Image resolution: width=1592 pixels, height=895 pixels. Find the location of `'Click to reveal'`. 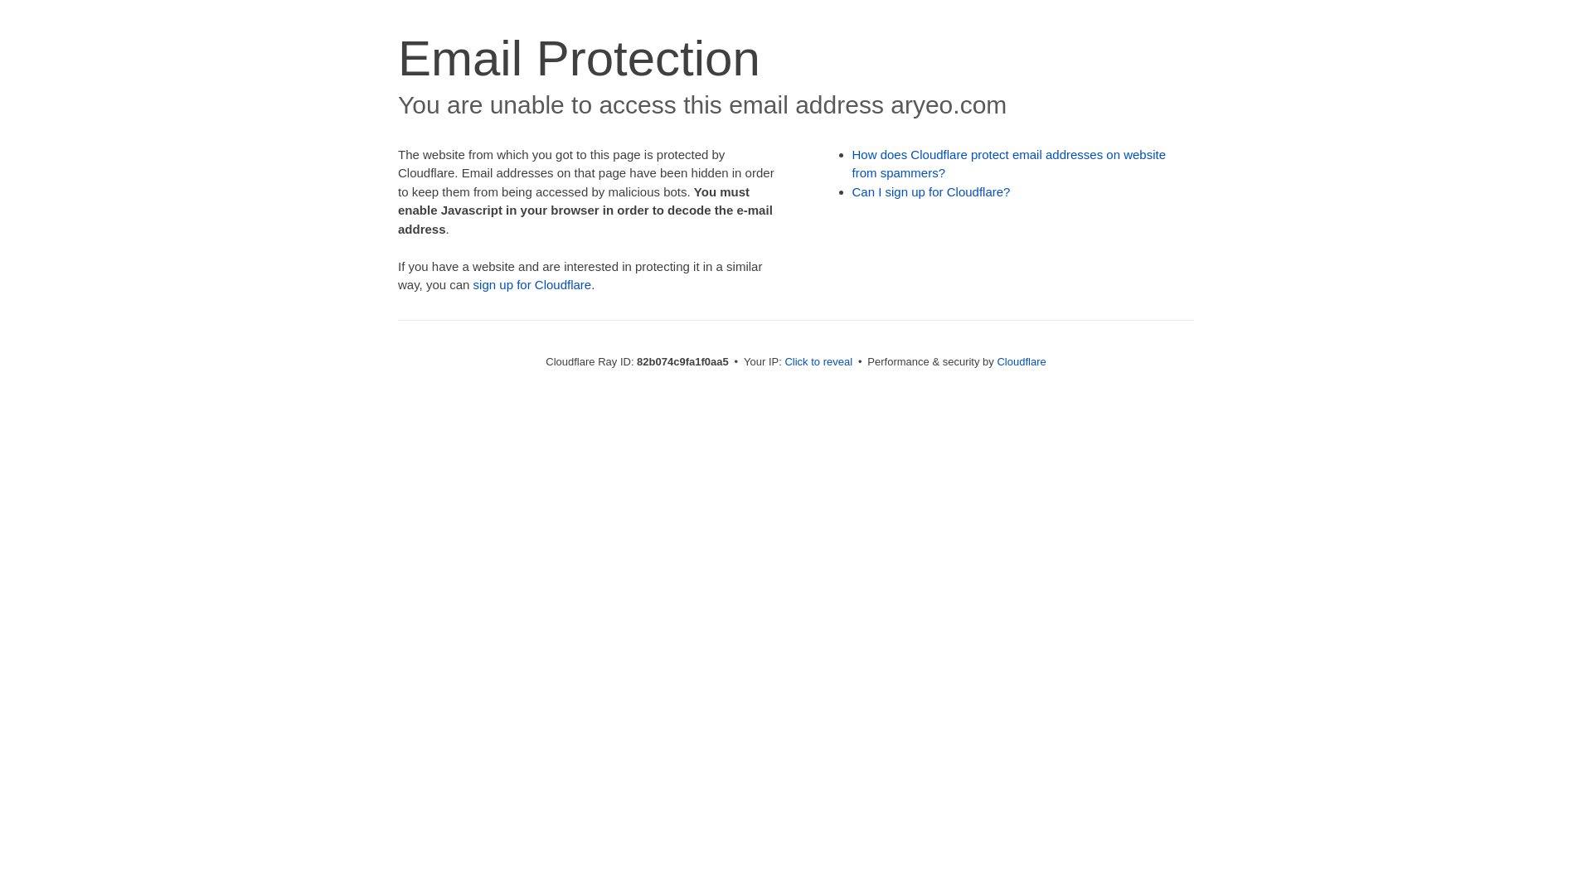

'Click to reveal' is located at coordinates (818, 360).